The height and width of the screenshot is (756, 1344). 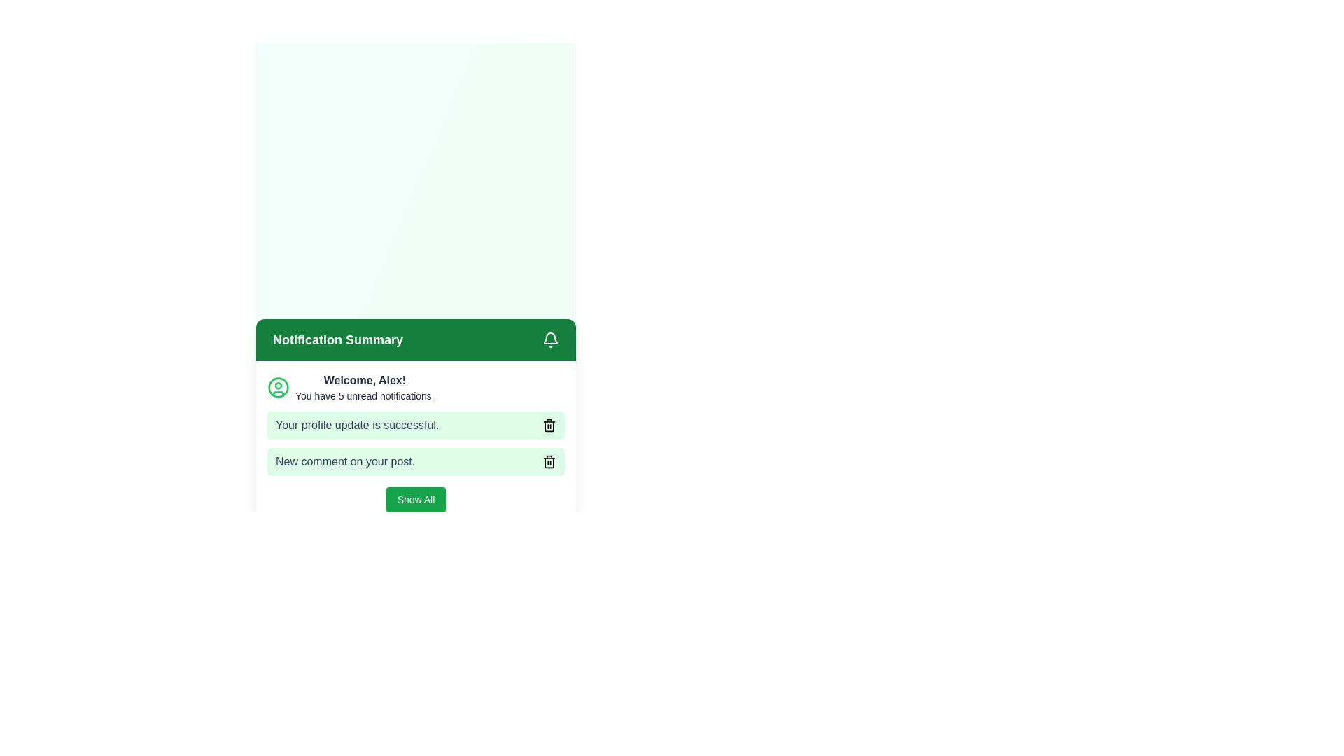 What do you see at coordinates (279, 388) in the screenshot?
I see `the decorative circle SVG element located to the left of the text 'Welcome, Alex!' in the notification summary section` at bounding box center [279, 388].